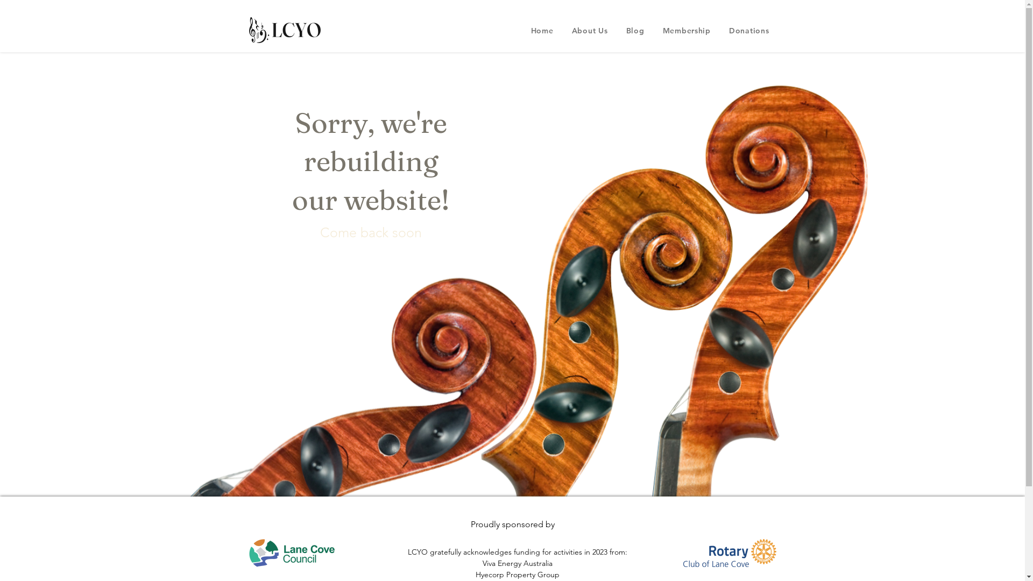 The image size is (1033, 581). I want to click on 'Membership', so click(686, 30).